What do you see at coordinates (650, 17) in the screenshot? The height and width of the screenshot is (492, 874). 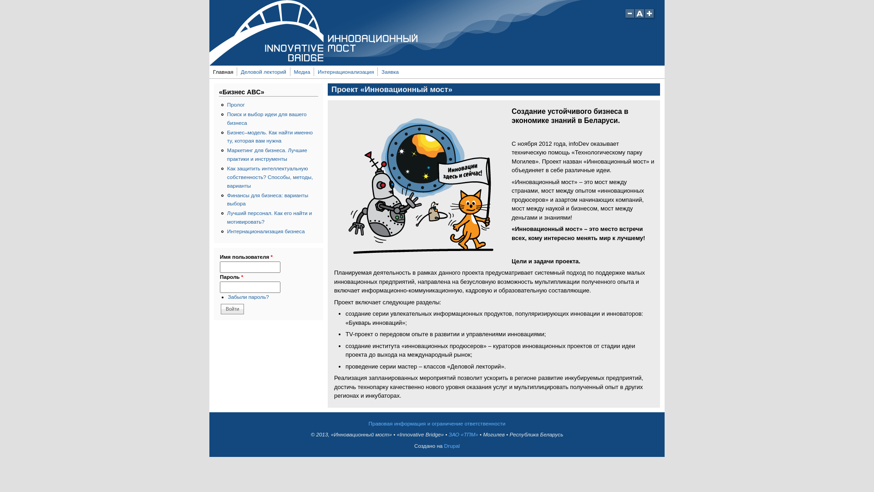 I see `'Increase text size'` at bounding box center [650, 17].